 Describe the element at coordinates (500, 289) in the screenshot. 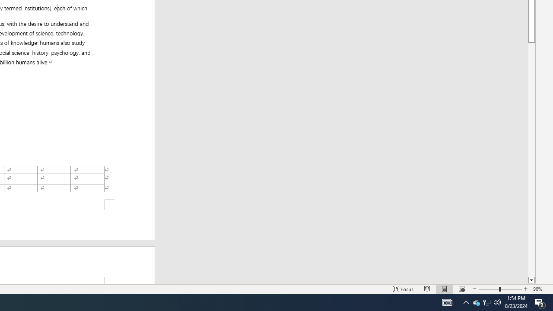

I see `'Zoom'` at that location.